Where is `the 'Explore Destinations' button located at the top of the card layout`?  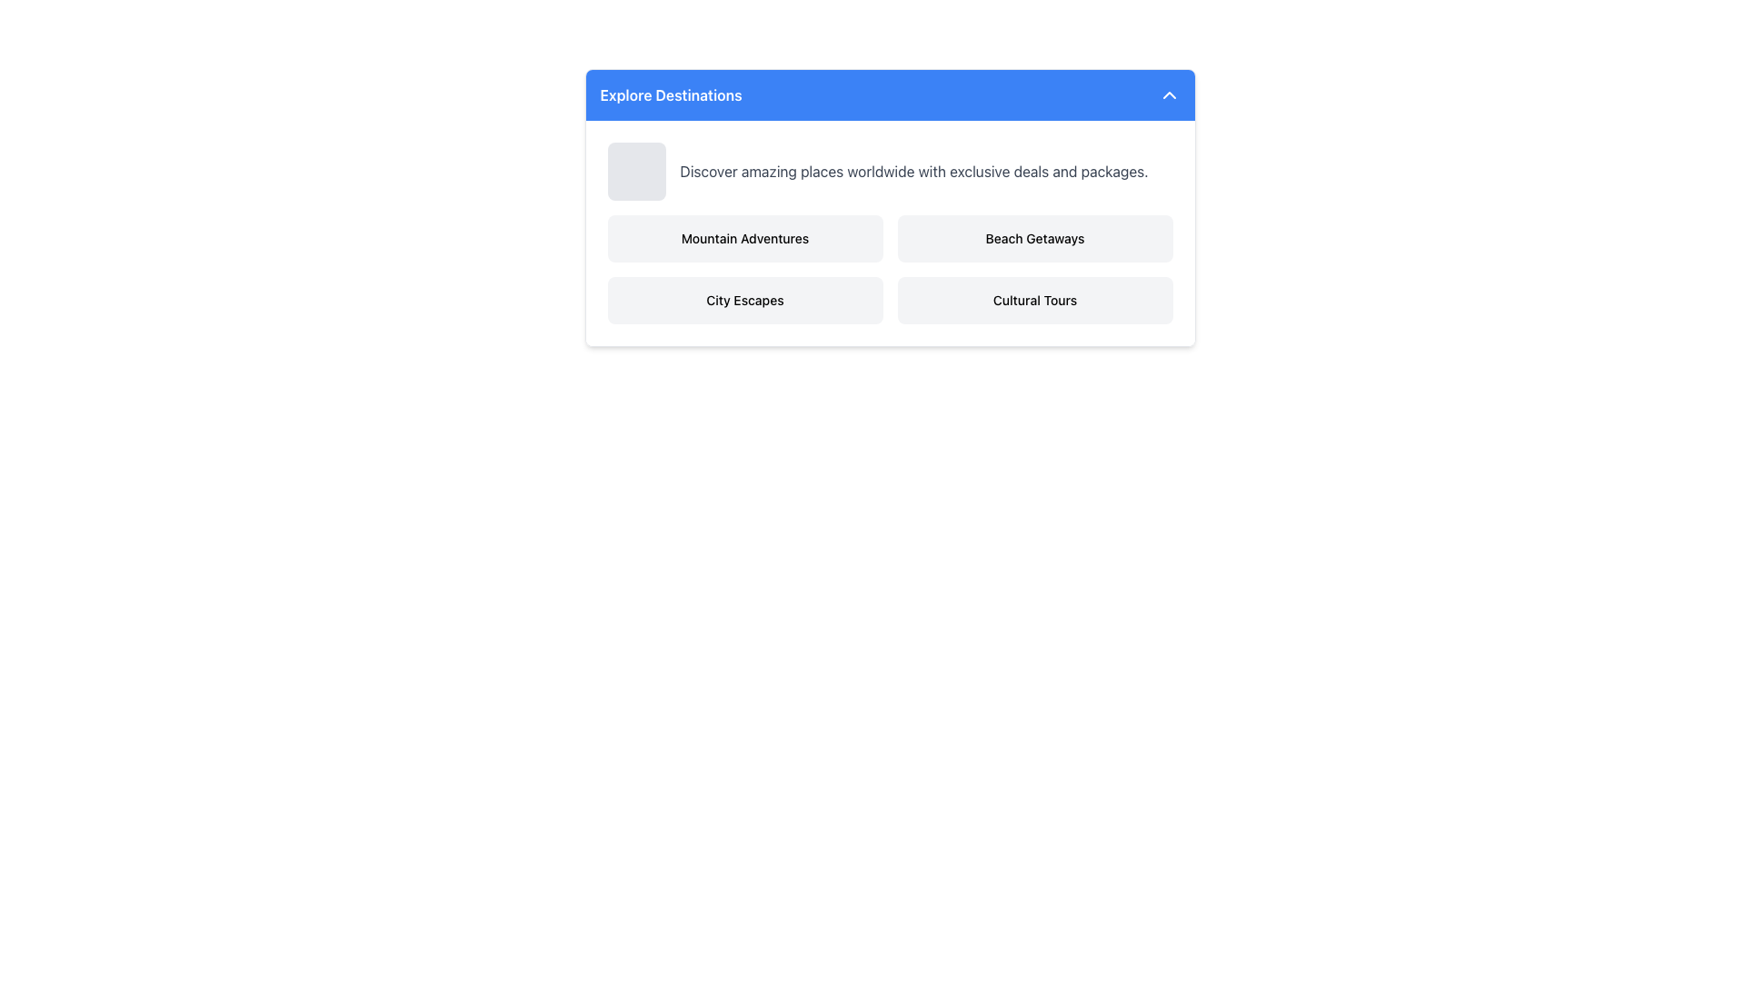 the 'Explore Destinations' button located at the top of the card layout is located at coordinates (890, 94).